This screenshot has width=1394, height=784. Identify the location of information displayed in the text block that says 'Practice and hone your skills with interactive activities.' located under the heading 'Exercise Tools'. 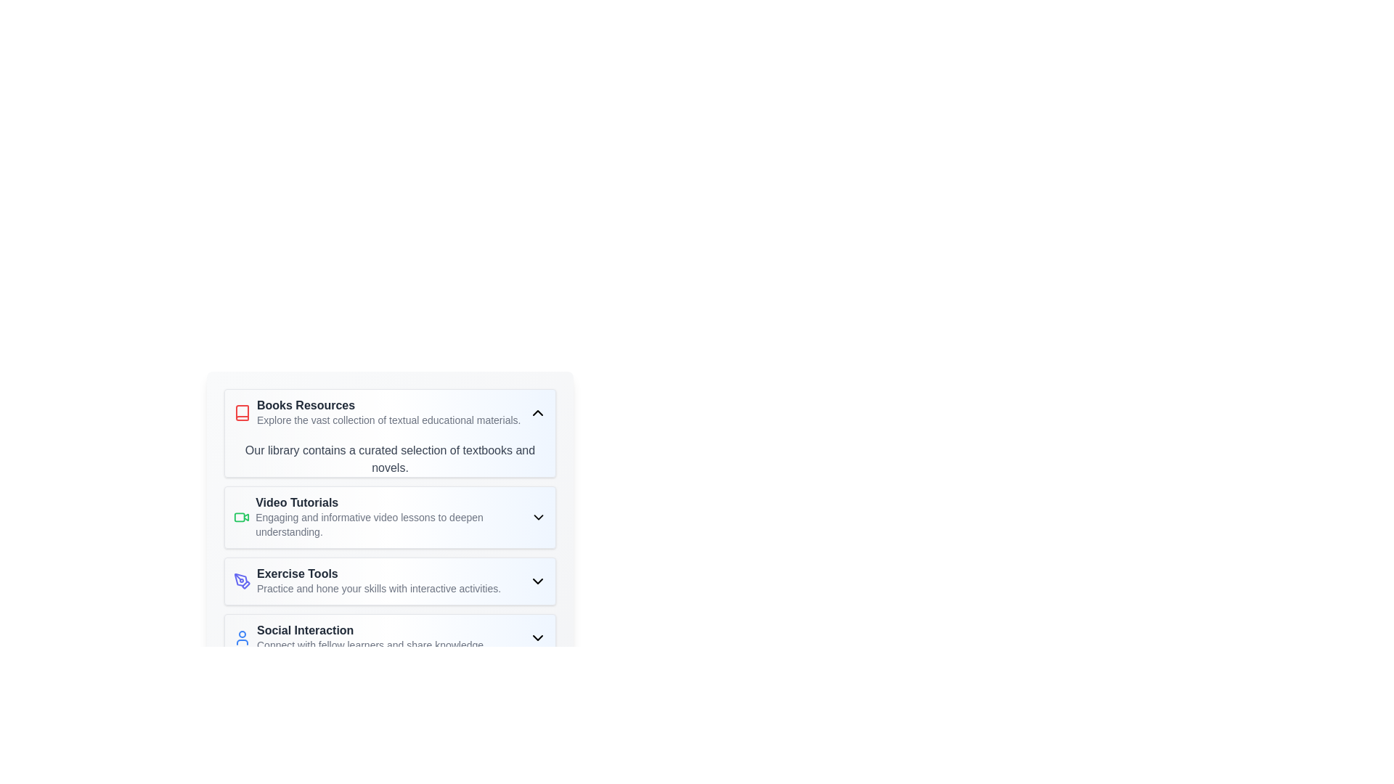
(379, 588).